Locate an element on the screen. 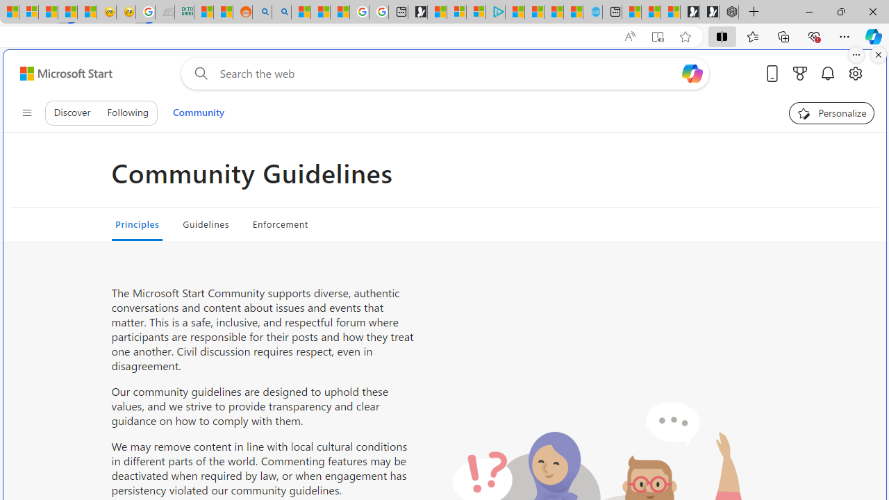 This screenshot has width=889, height=500. 'Play Free Online Games | Games from Microsoft Start' is located at coordinates (709, 12).